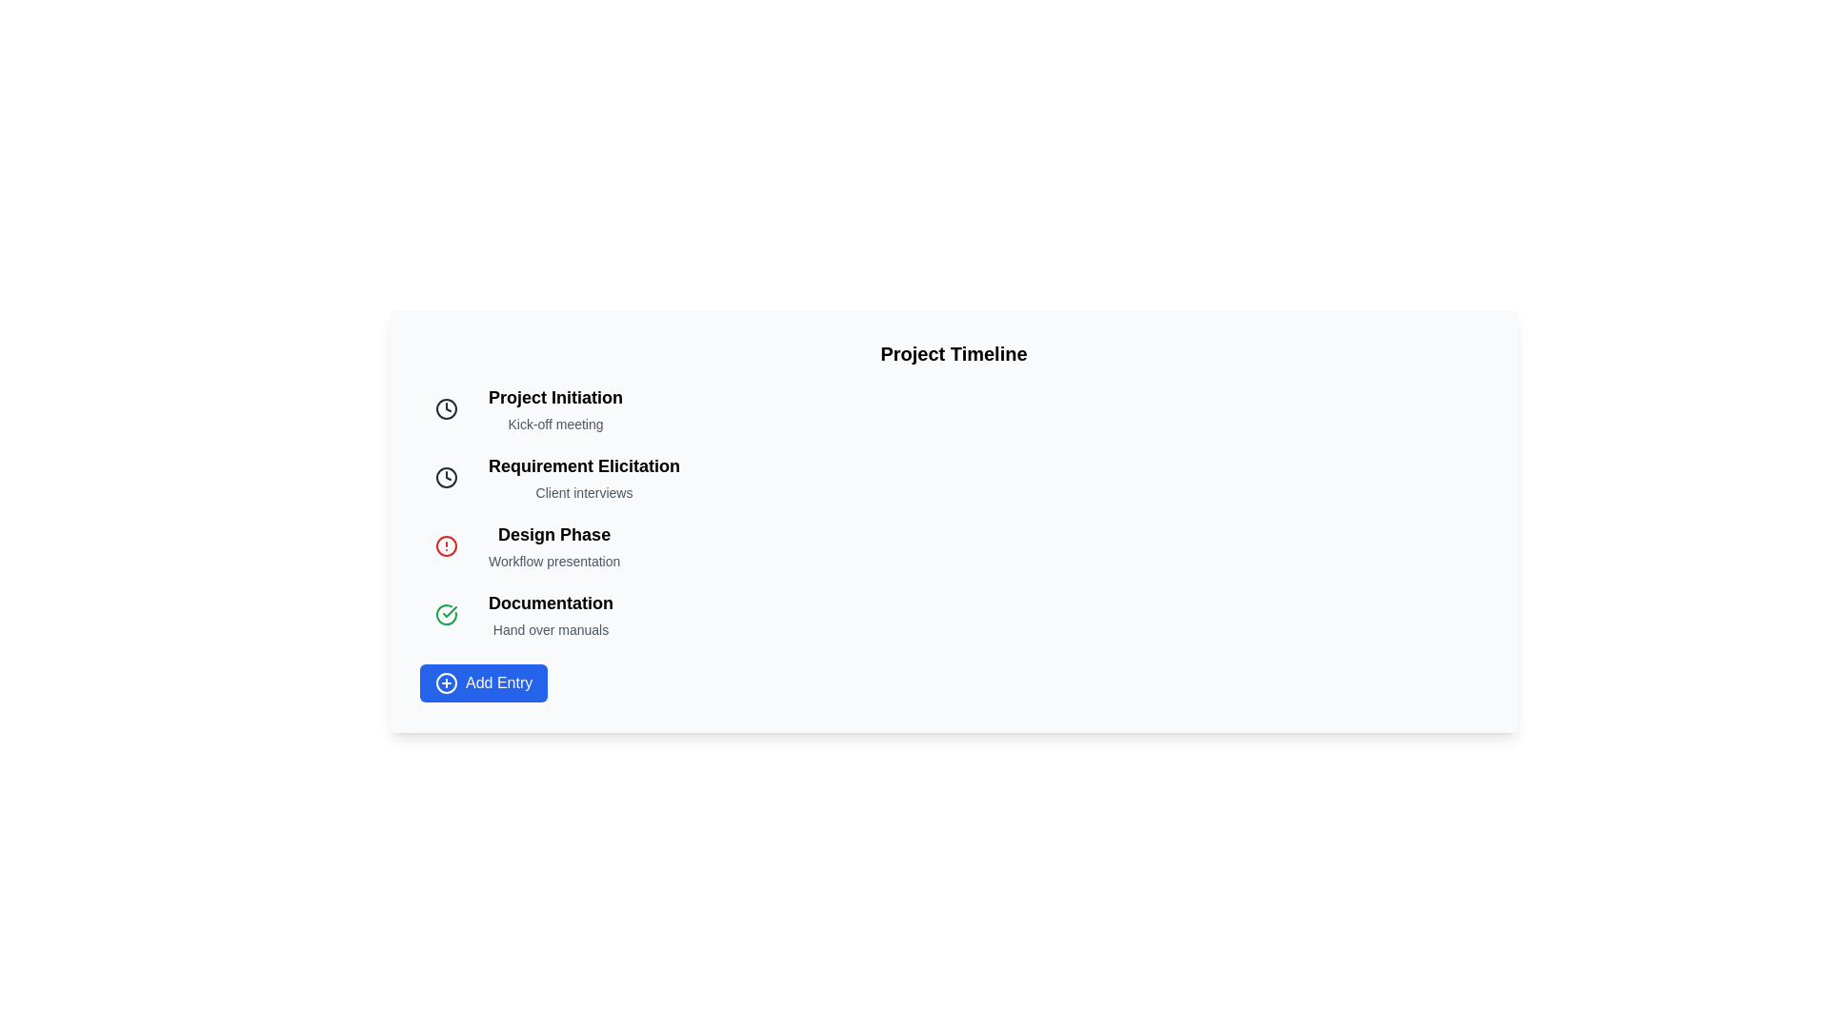 This screenshot has height=1028, width=1829. Describe the element at coordinates (446, 614) in the screenshot. I see `the checkmark icon that indicates the completion or verification status of the 'Documentation' phase in the project timeline` at that location.